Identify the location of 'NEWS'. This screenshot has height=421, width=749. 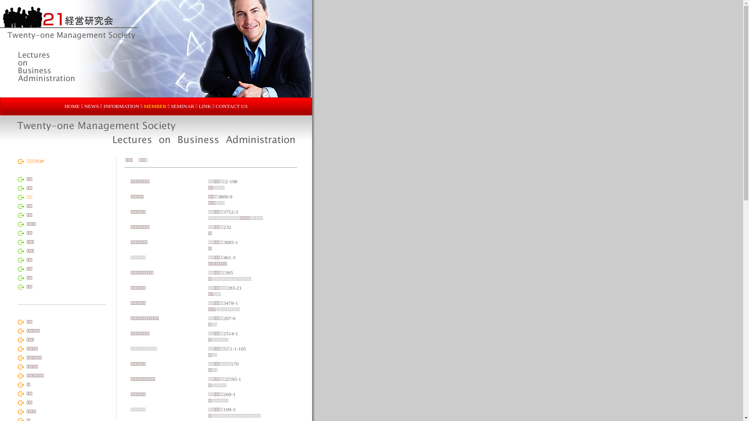
(92, 106).